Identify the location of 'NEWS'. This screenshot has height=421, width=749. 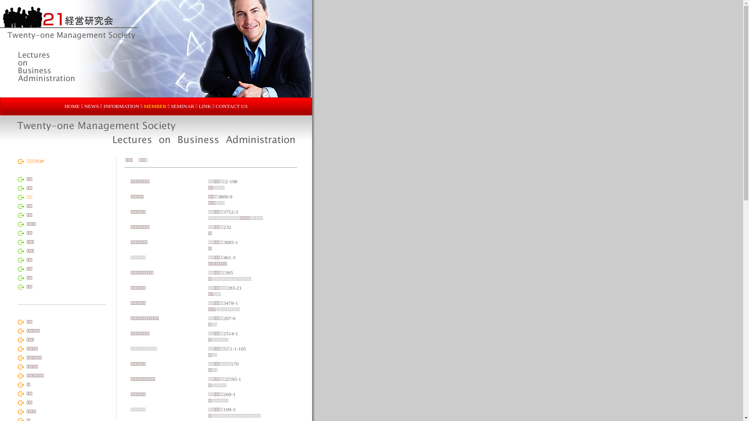
(92, 106).